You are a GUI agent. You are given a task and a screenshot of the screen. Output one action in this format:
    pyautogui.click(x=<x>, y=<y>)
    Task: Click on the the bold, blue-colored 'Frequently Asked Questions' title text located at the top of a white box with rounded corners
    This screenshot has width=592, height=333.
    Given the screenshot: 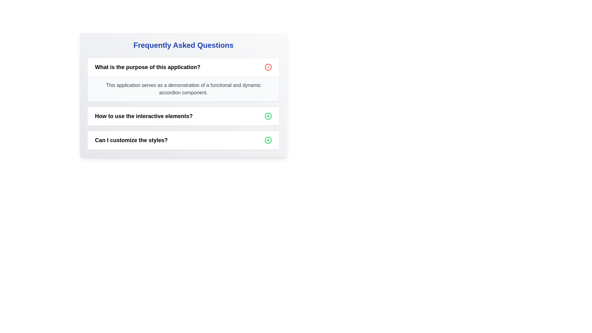 What is the action you would take?
    pyautogui.click(x=183, y=45)
    